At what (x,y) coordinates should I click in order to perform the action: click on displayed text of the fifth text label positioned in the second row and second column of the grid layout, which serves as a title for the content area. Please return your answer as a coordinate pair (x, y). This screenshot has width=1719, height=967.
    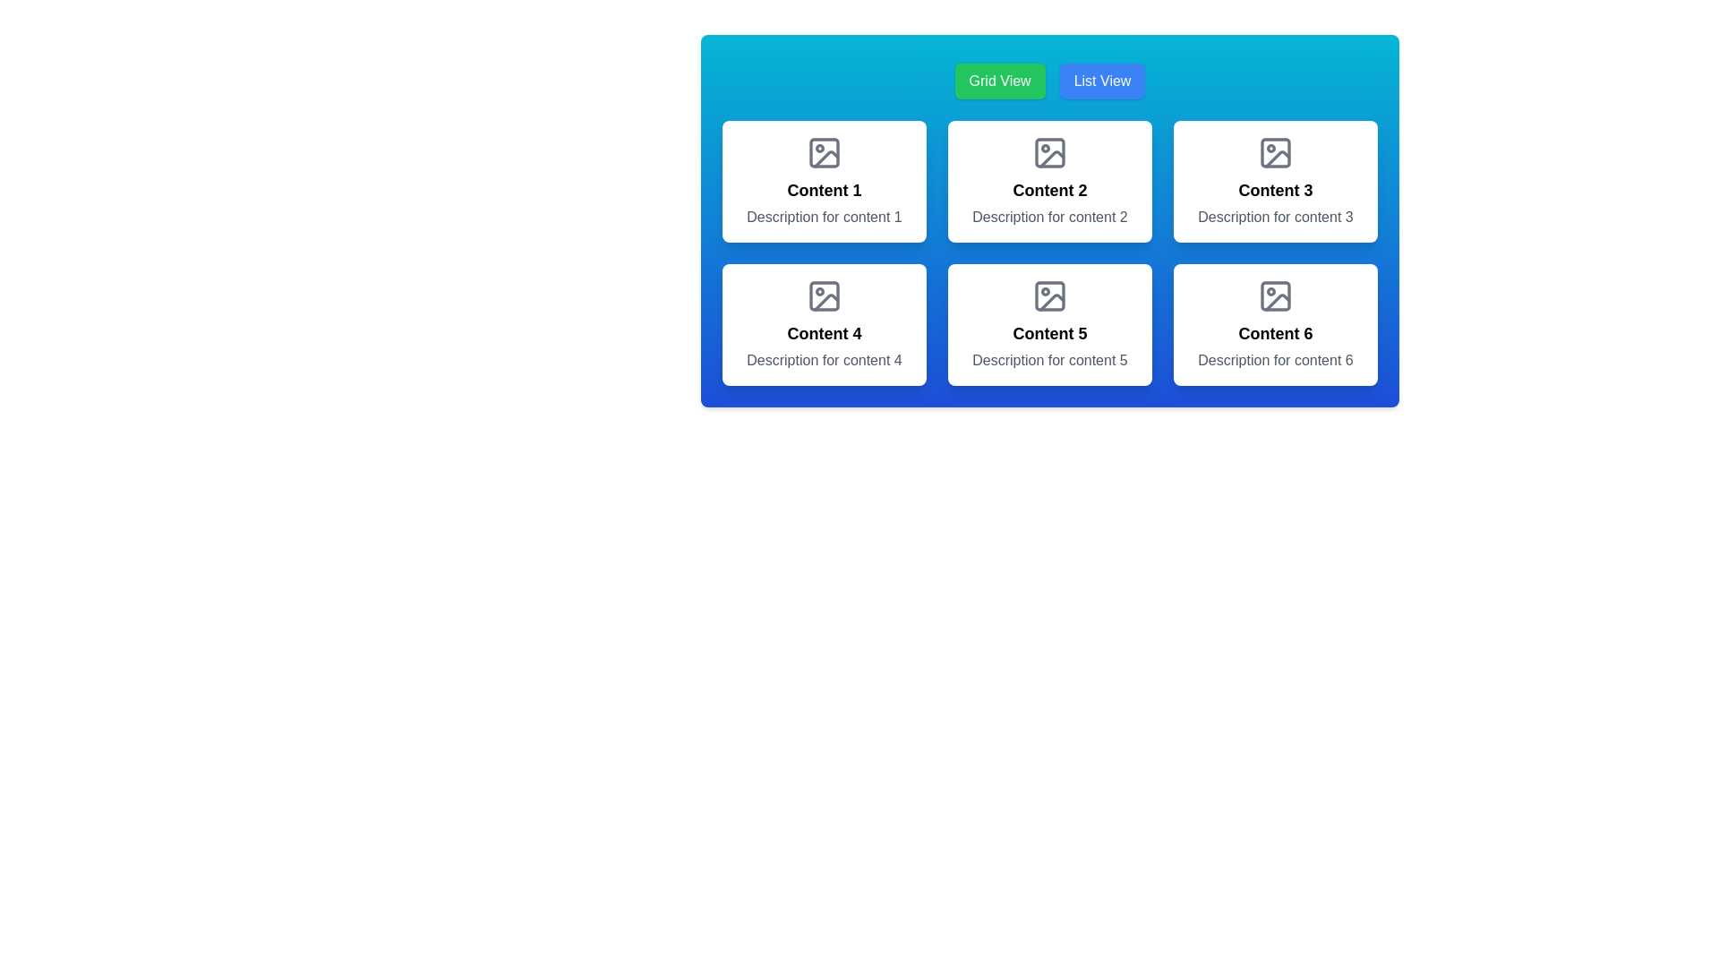
    Looking at the image, I should click on (1049, 334).